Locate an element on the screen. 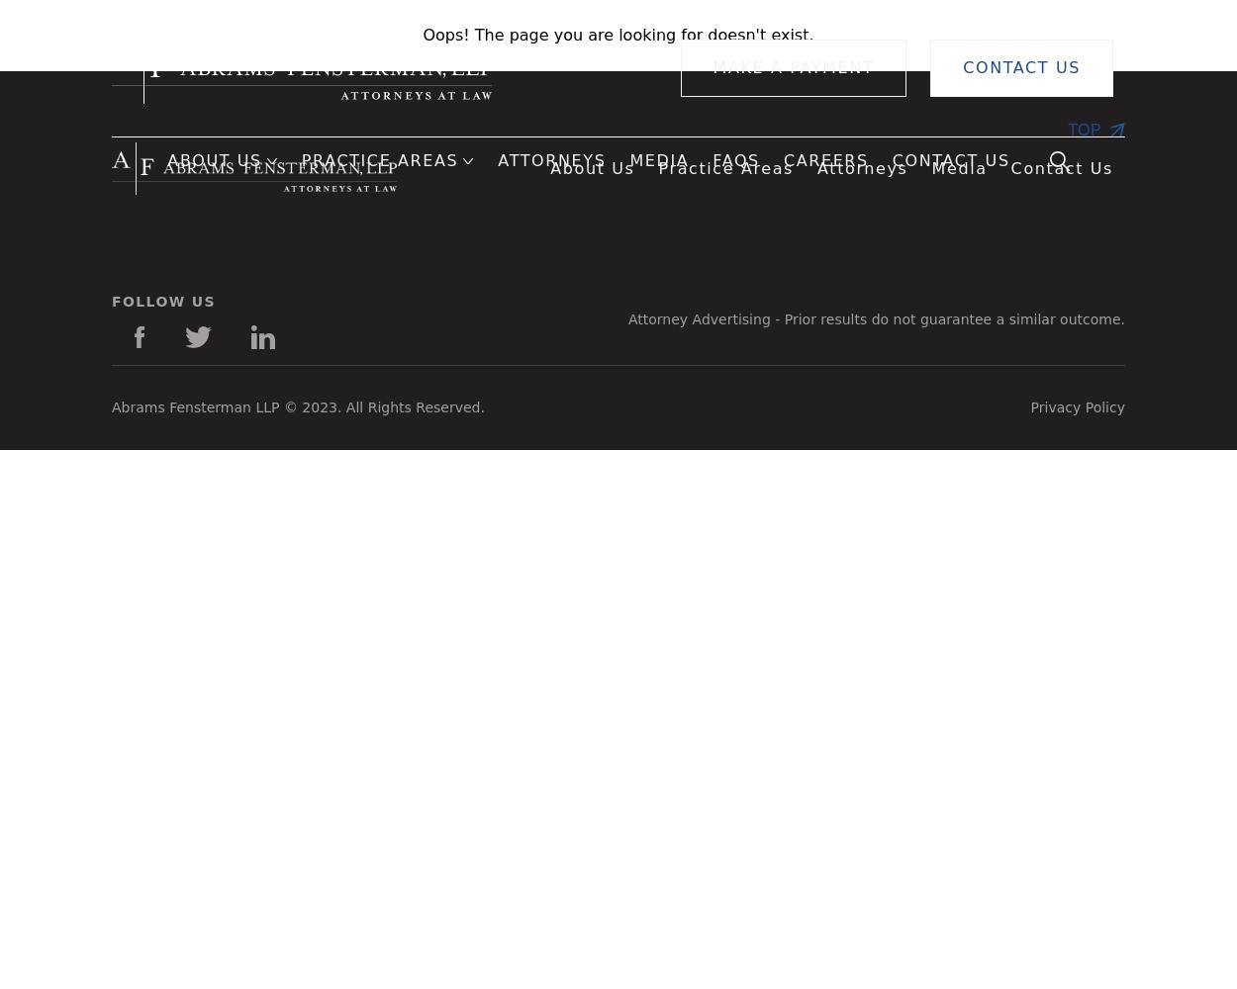 This screenshot has width=1237, height=989. 'FAQs' is located at coordinates (734, 160).